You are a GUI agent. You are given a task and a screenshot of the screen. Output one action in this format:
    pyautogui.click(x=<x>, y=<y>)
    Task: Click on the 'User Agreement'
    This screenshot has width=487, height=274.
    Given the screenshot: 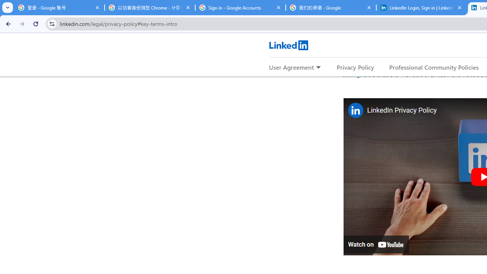 What is the action you would take?
    pyautogui.click(x=291, y=67)
    